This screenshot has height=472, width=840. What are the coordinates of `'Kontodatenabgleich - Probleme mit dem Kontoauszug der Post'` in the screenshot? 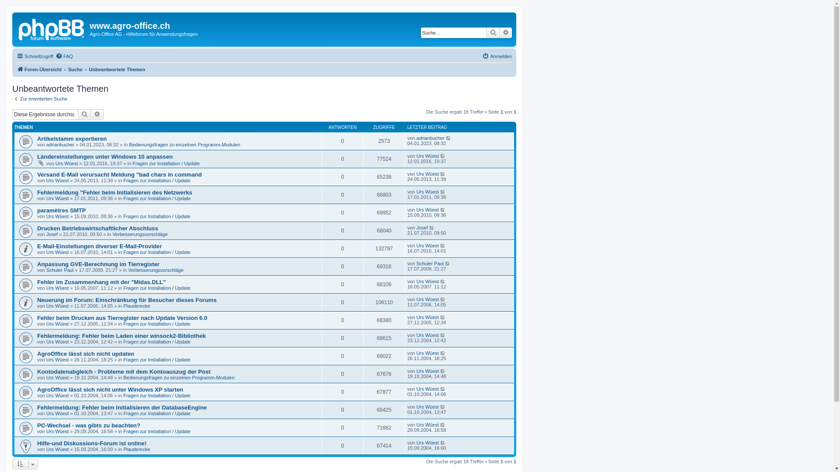 It's located at (123, 371).